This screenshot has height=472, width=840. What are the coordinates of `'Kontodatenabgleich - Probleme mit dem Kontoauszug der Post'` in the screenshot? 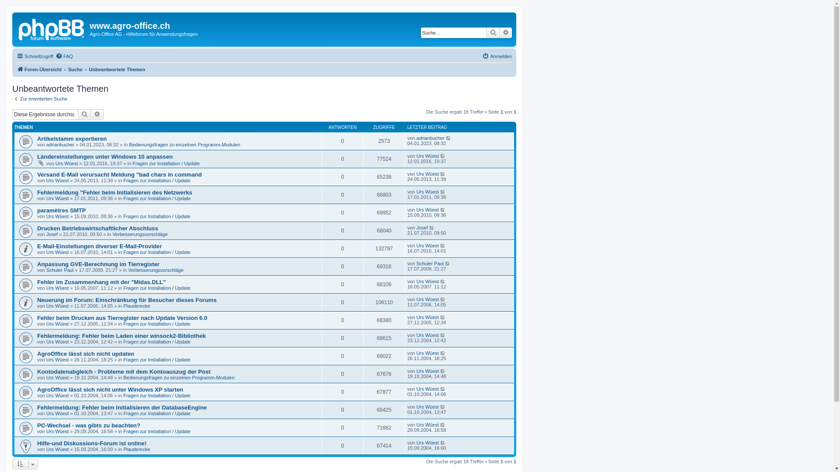 It's located at (123, 371).